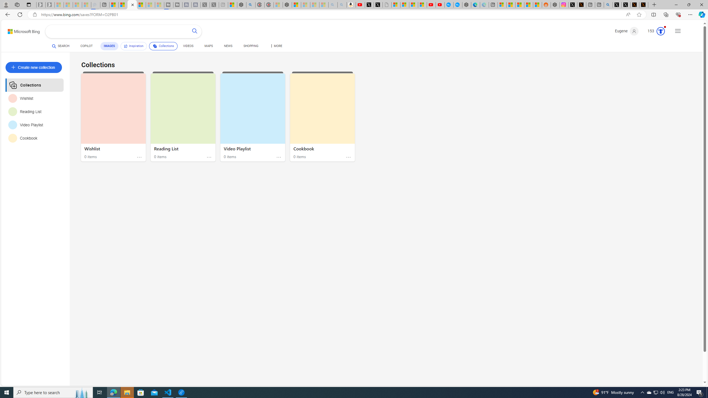 This screenshot has height=398, width=708. Describe the element at coordinates (626, 4) in the screenshot. I see `'GitHub (@github) / X'` at that location.